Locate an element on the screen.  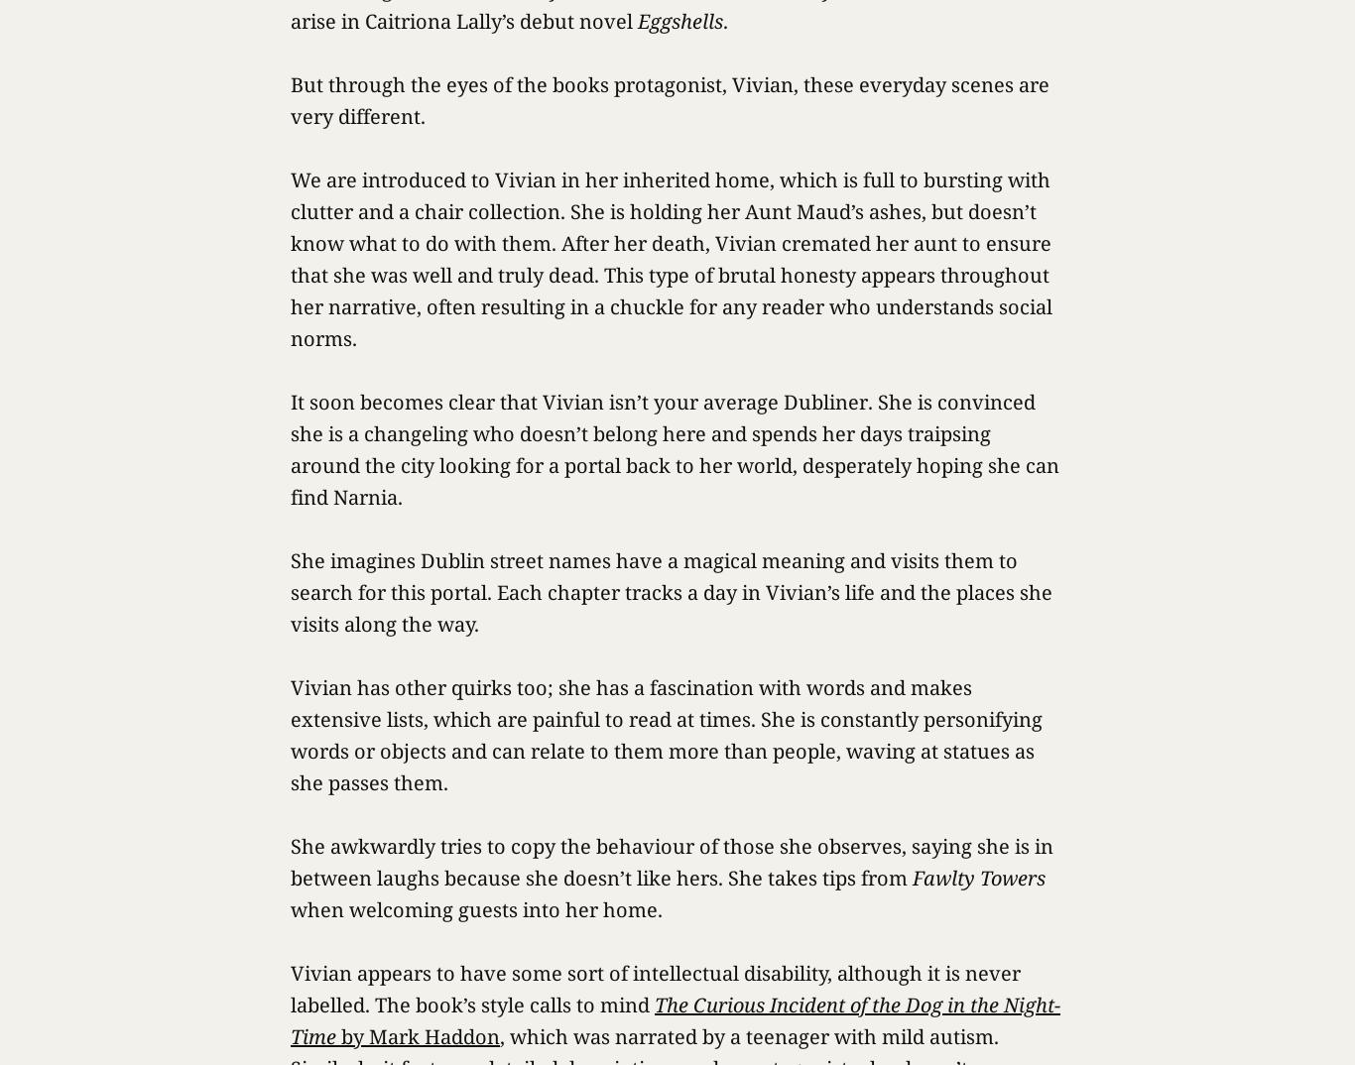
'.' is located at coordinates (725, 20).